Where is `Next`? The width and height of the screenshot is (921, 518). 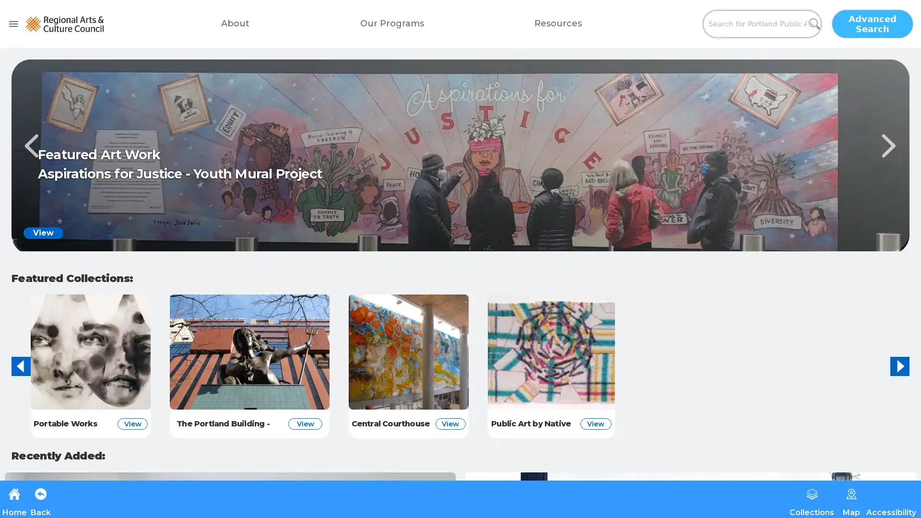 Next is located at coordinates (888, 146).